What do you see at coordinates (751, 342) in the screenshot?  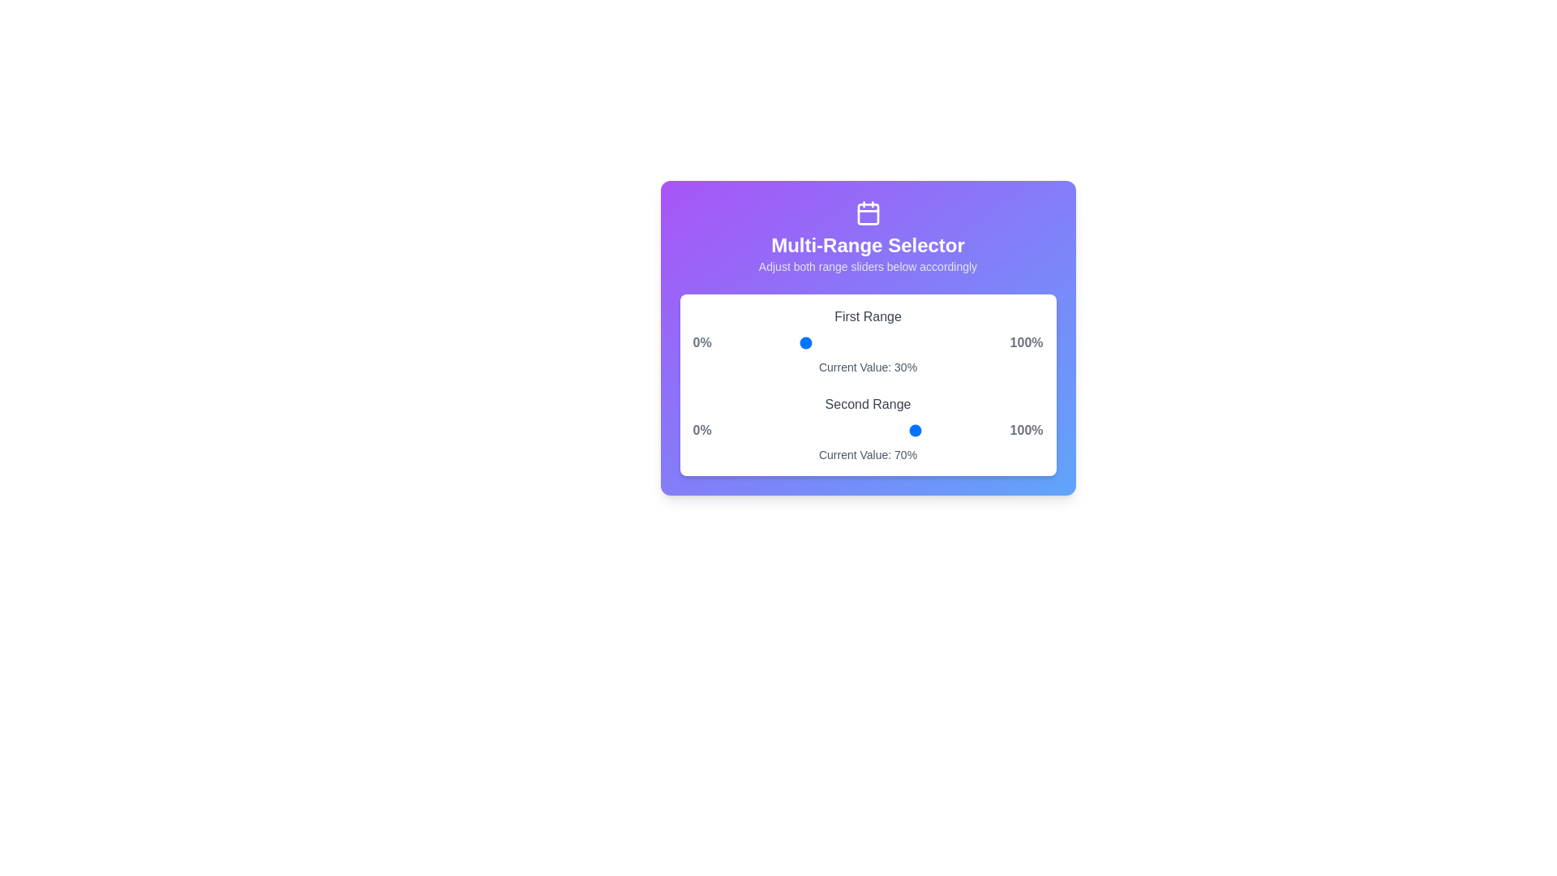 I see `the first range slider value` at bounding box center [751, 342].